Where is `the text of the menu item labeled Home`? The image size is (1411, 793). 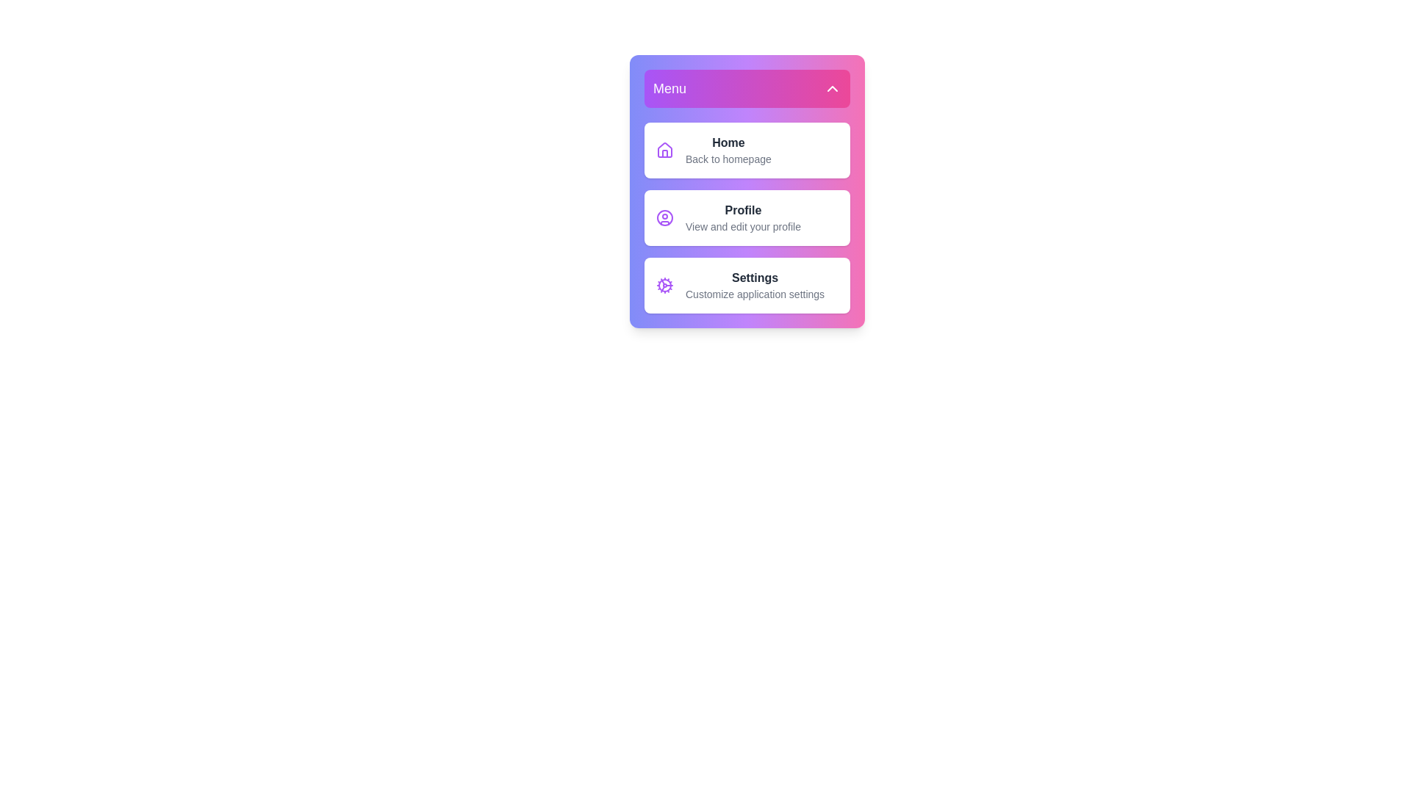 the text of the menu item labeled Home is located at coordinates (747, 150).